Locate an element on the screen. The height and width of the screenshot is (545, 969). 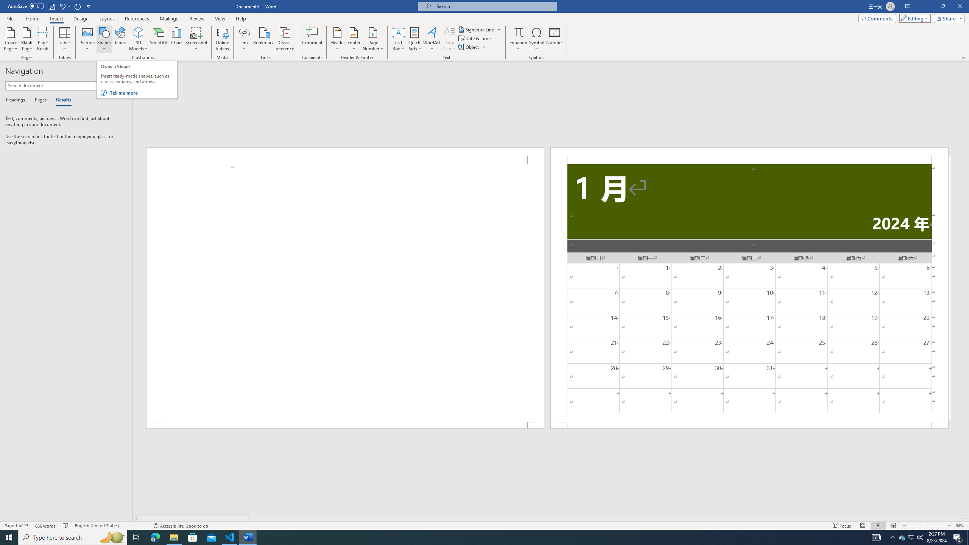
'Icons' is located at coordinates (120, 39).